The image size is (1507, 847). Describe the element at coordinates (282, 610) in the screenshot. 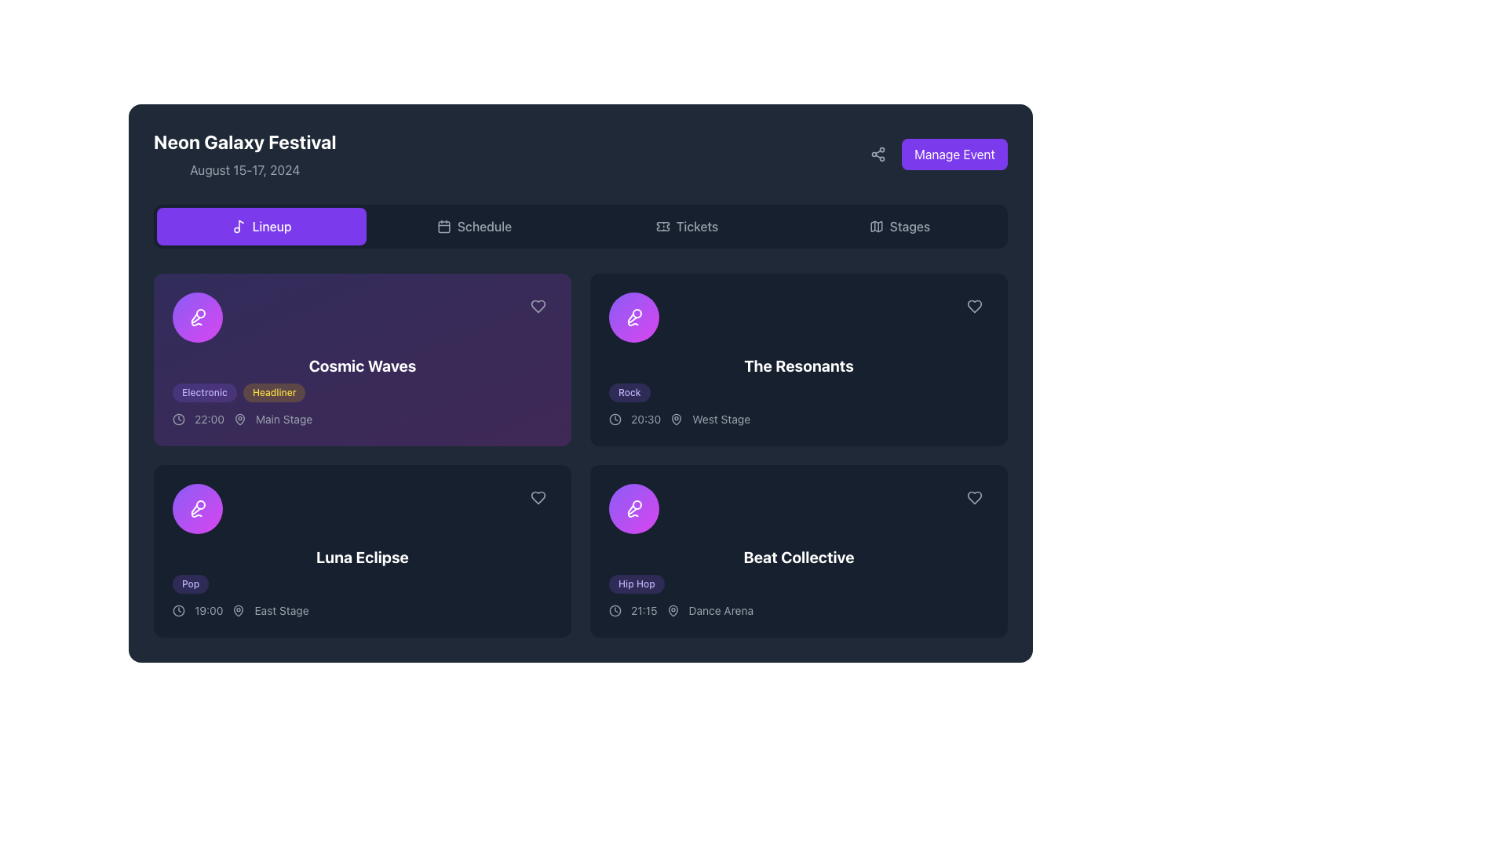

I see `the 'East Stage' text label located to the right of the pin icon in the second row of event cards under 'Luna Eclipse' in the 'Lineup' section` at that location.